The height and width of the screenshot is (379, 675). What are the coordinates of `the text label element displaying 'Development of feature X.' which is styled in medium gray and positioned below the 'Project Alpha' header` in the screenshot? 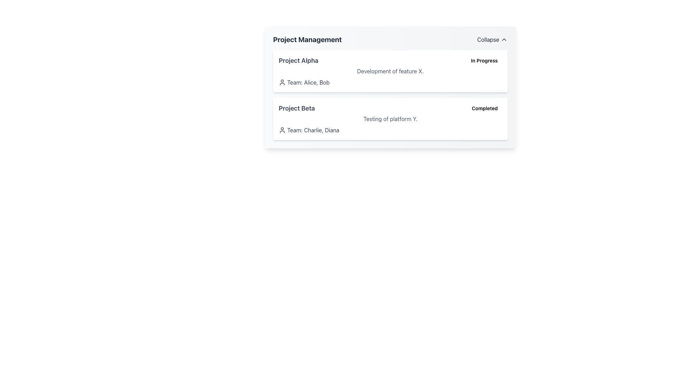 It's located at (390, 71).